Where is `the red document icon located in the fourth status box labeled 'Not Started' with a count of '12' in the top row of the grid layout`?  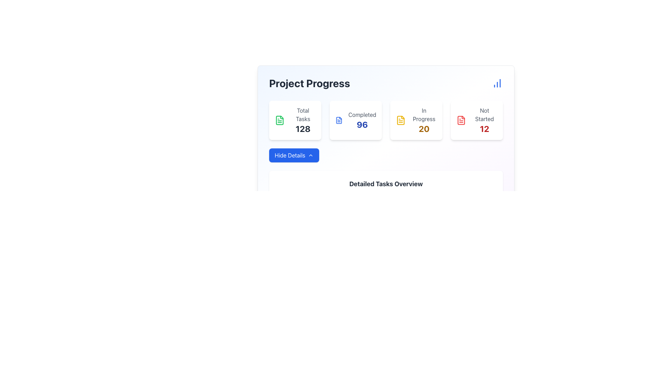 the red document icon located in the fourth status box labeled 'Not Started' with a count of '12' in the top row of the grid layout is located at coordinates (461, 120).